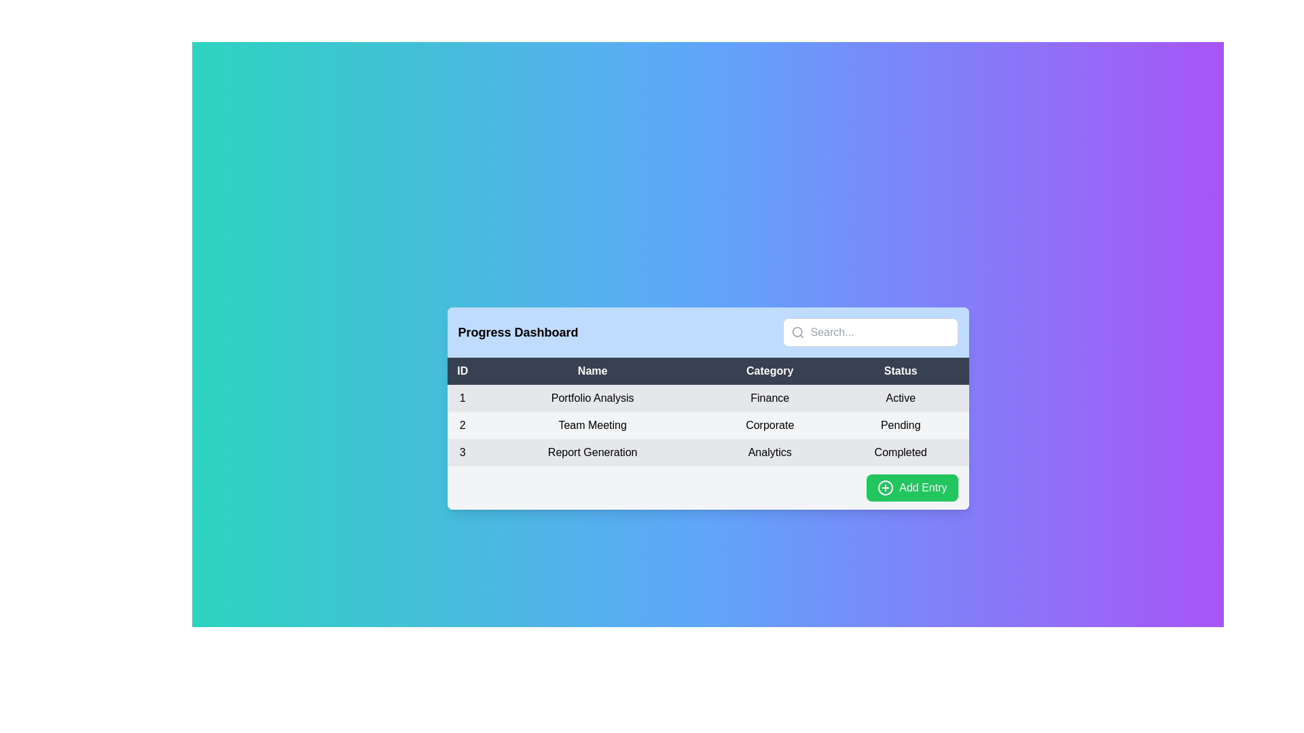 This screenshot has height=733, width=1304. Describe the element at coordinates (769, 371) in the screenshot. I see `text label displaying 'Category' which is the third header in the table, located between 'Name' and 'Status'` at that location.